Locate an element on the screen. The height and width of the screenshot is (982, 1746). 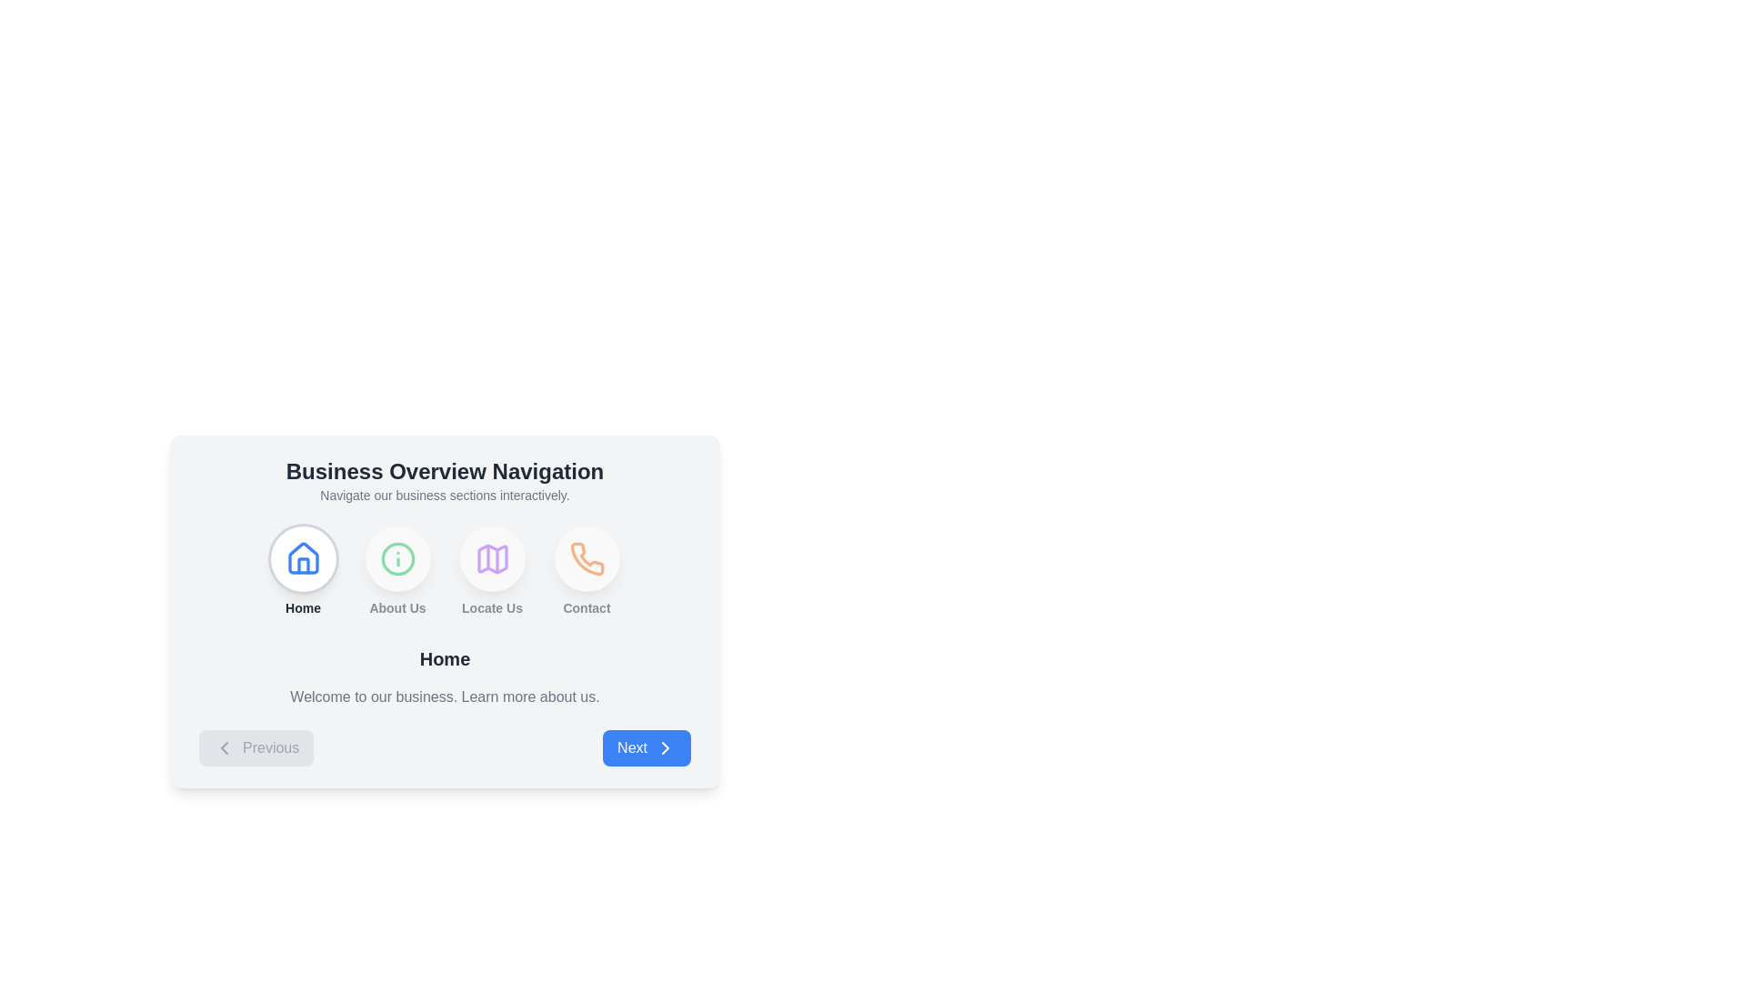
the circular icon with a white background, green border, and information symbol ('i') in the 'About Us' section of the navigation is located at coordinates (396, 557).